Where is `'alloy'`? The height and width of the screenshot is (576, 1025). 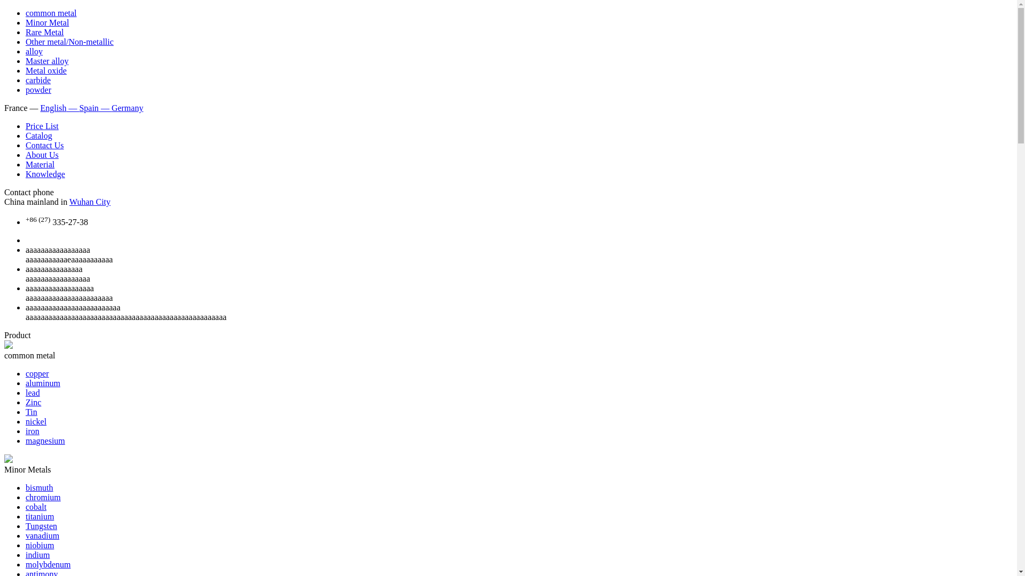
'alloy' is located at coordinates (26, 51).